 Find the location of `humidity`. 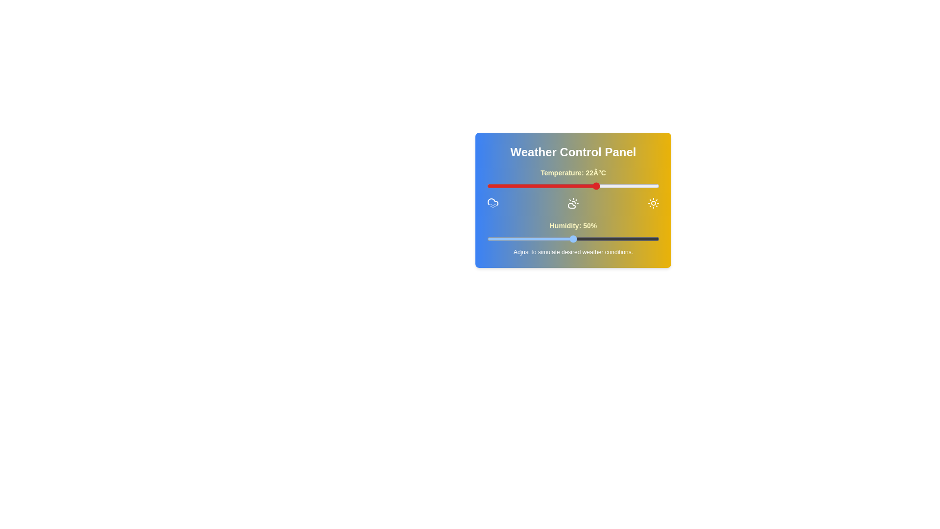

humidity is located at coordinates (564, 239).